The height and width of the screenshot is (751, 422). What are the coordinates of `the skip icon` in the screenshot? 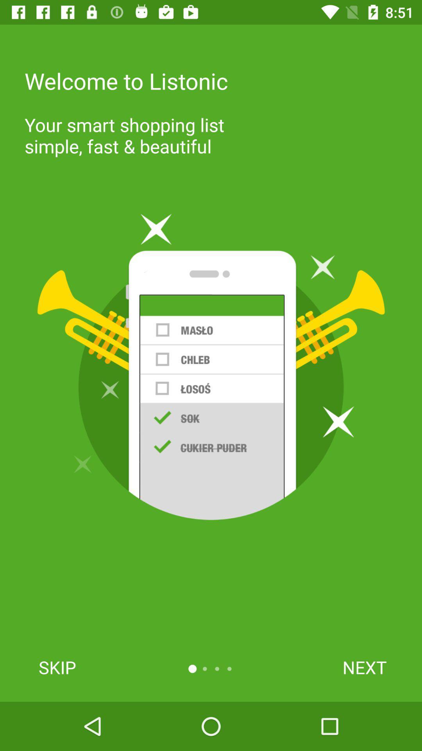 It's located at (57, 667).